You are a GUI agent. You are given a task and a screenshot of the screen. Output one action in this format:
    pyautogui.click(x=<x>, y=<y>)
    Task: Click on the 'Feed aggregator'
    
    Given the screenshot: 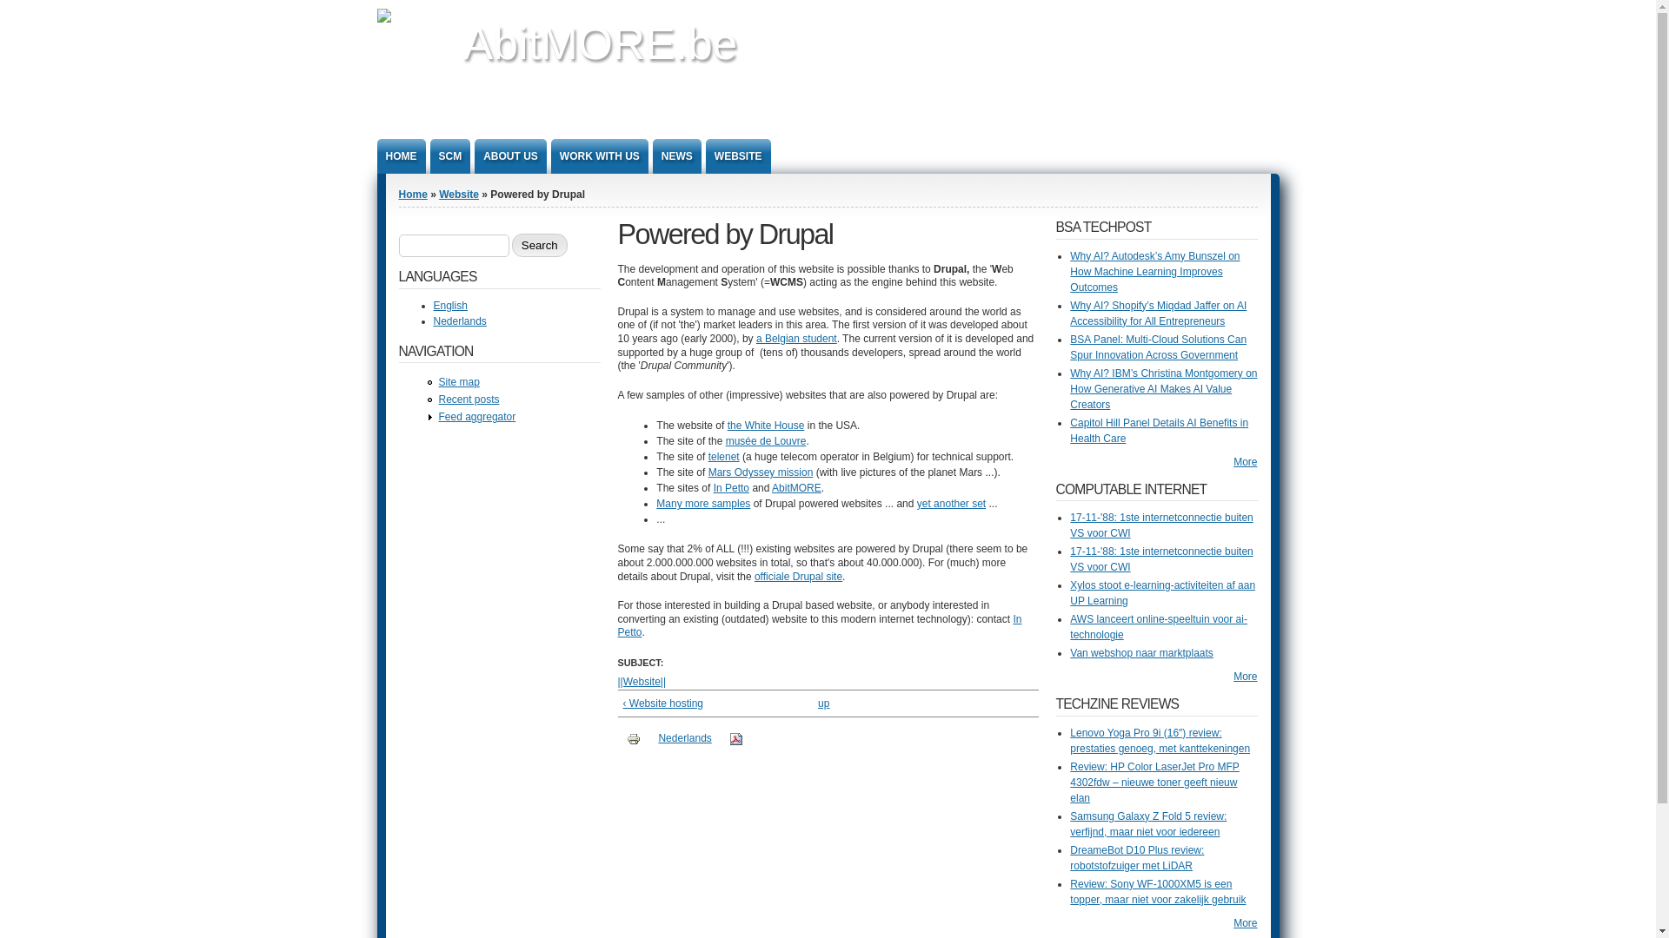 What is the action you would take?
    pyautogui.click(x=476, y=416)
    